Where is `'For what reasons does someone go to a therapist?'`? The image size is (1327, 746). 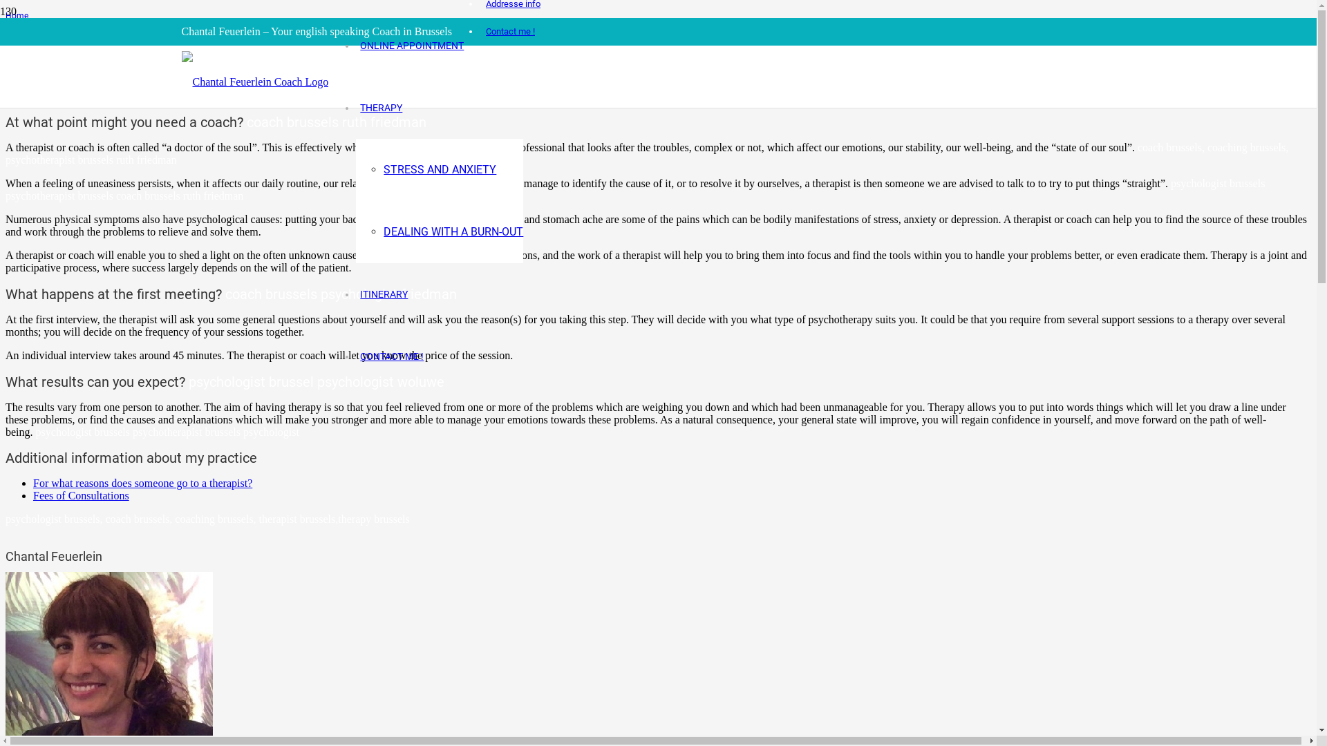
'For what reasons does someone go to a therapist?' is located at coordinates (142, 482).